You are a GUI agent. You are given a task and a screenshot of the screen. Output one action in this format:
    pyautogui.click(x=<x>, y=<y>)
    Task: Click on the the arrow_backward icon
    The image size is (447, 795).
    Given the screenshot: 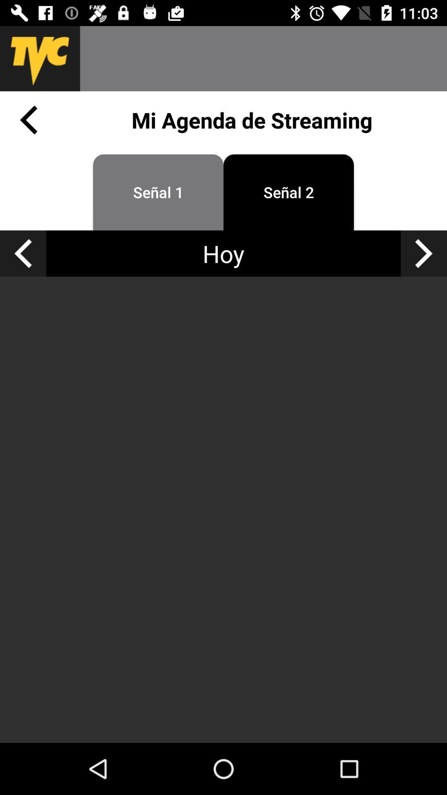 What is the action you would take?
    pyautogui.click(x=28, y=119)
    